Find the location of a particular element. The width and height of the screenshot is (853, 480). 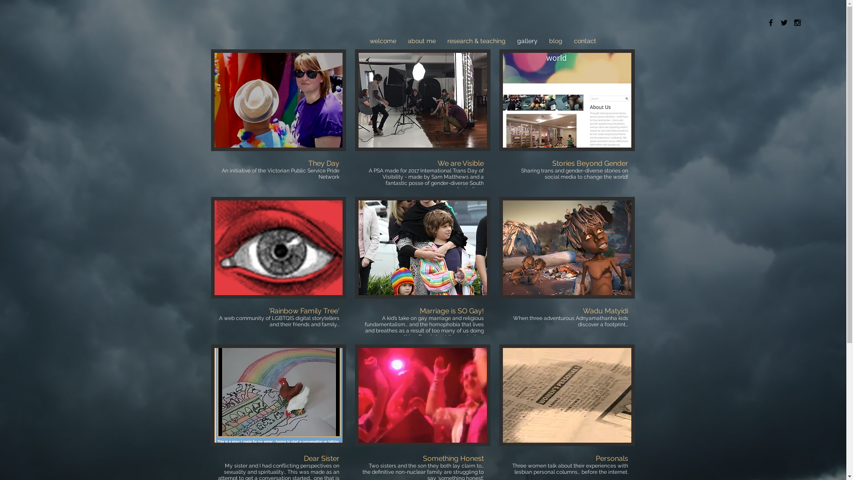

'research & teaching' is located at coordinates (476, 41).